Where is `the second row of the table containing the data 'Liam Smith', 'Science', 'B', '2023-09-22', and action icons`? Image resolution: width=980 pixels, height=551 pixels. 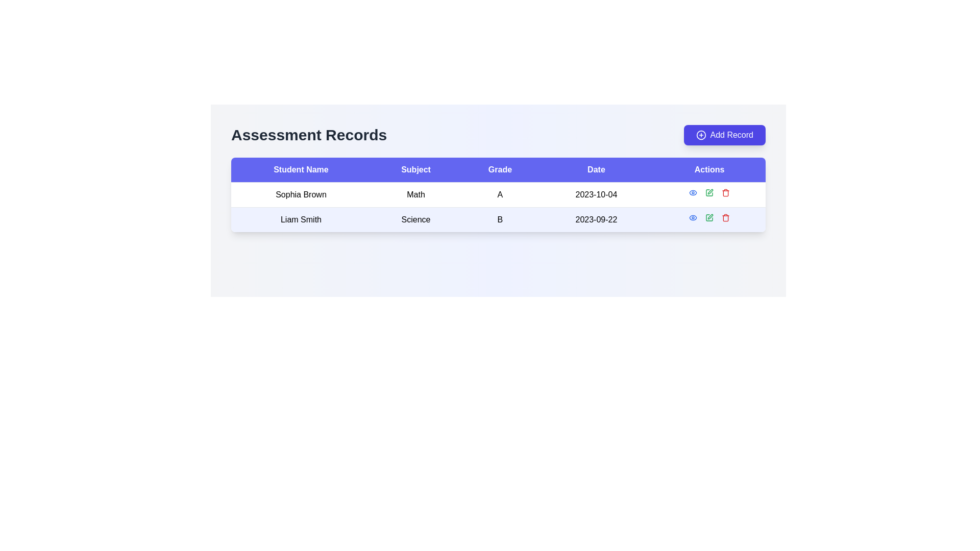 the second row of the table containing the data 'Liam Smith', 'Science', 'B', '2023-09-22', and action icons is located at coordinates (498, 219).